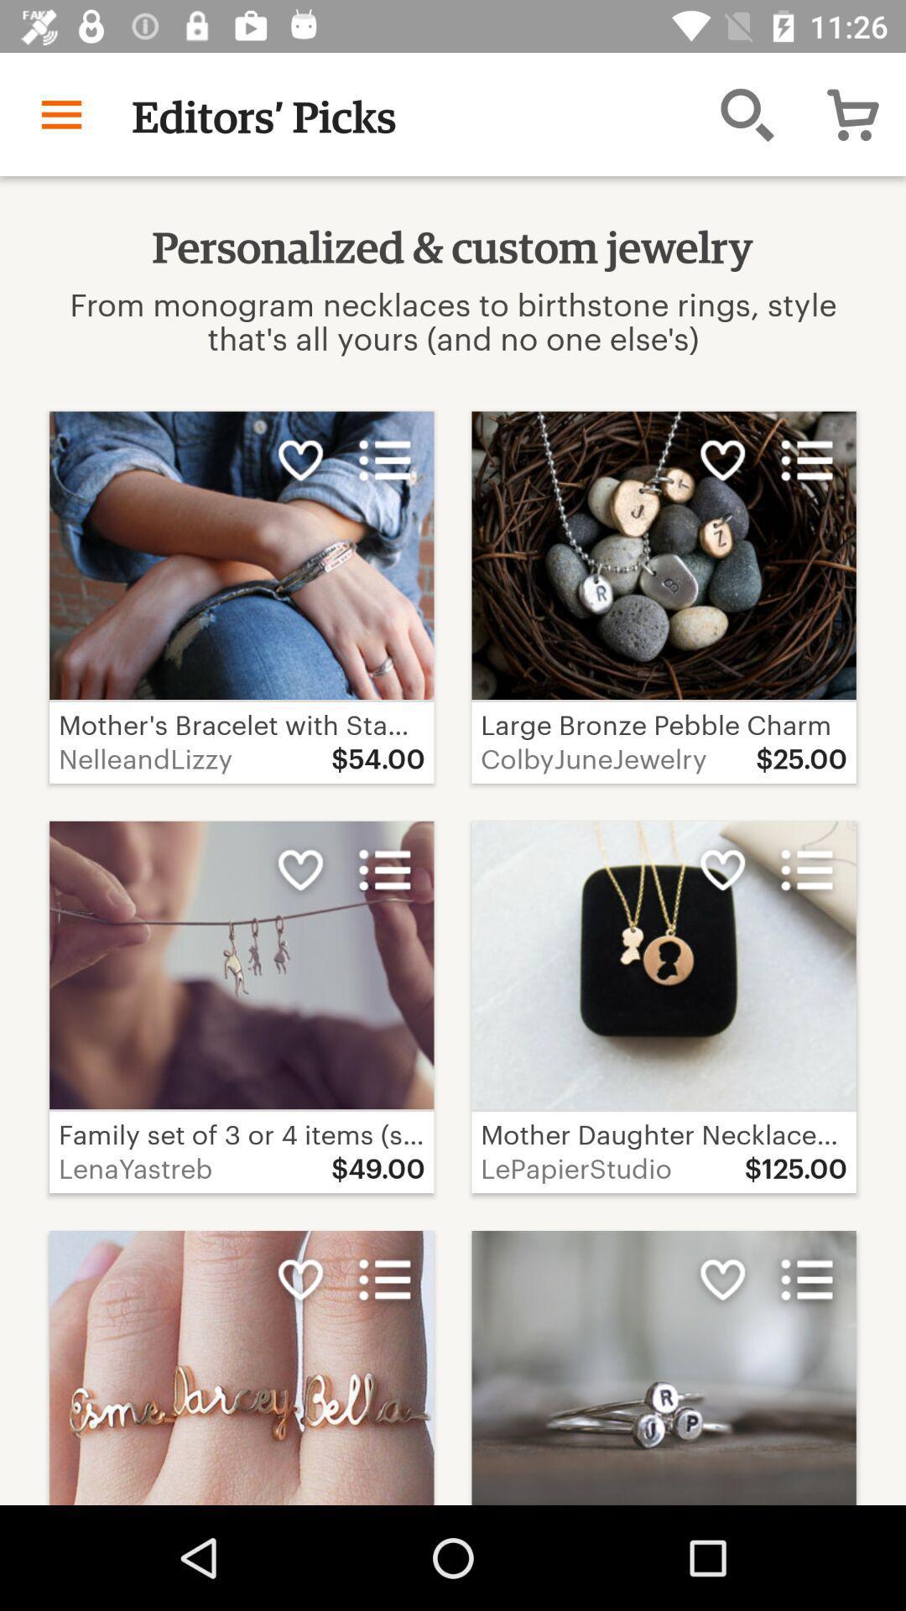 Image resolution: width=906 pixels, height=1611 pixels. Describe the element at coordinates (747, 114) in the screenshot. I see `the button which is left side of the cart` at that location.